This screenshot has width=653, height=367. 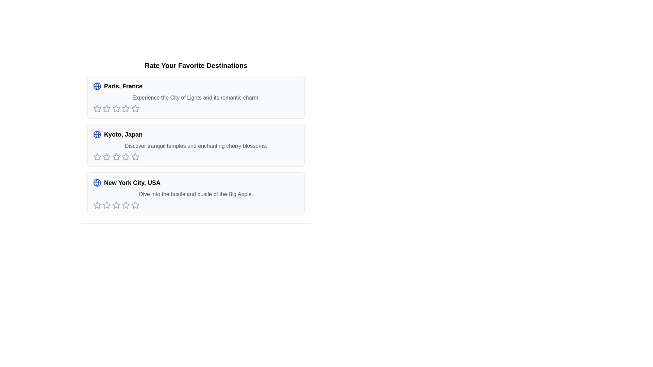 I want to click on the title text located at the bottom item of a vertically aligned list of destinations, which includes an icon to its left and a description below it, so click(x=132, y=182).